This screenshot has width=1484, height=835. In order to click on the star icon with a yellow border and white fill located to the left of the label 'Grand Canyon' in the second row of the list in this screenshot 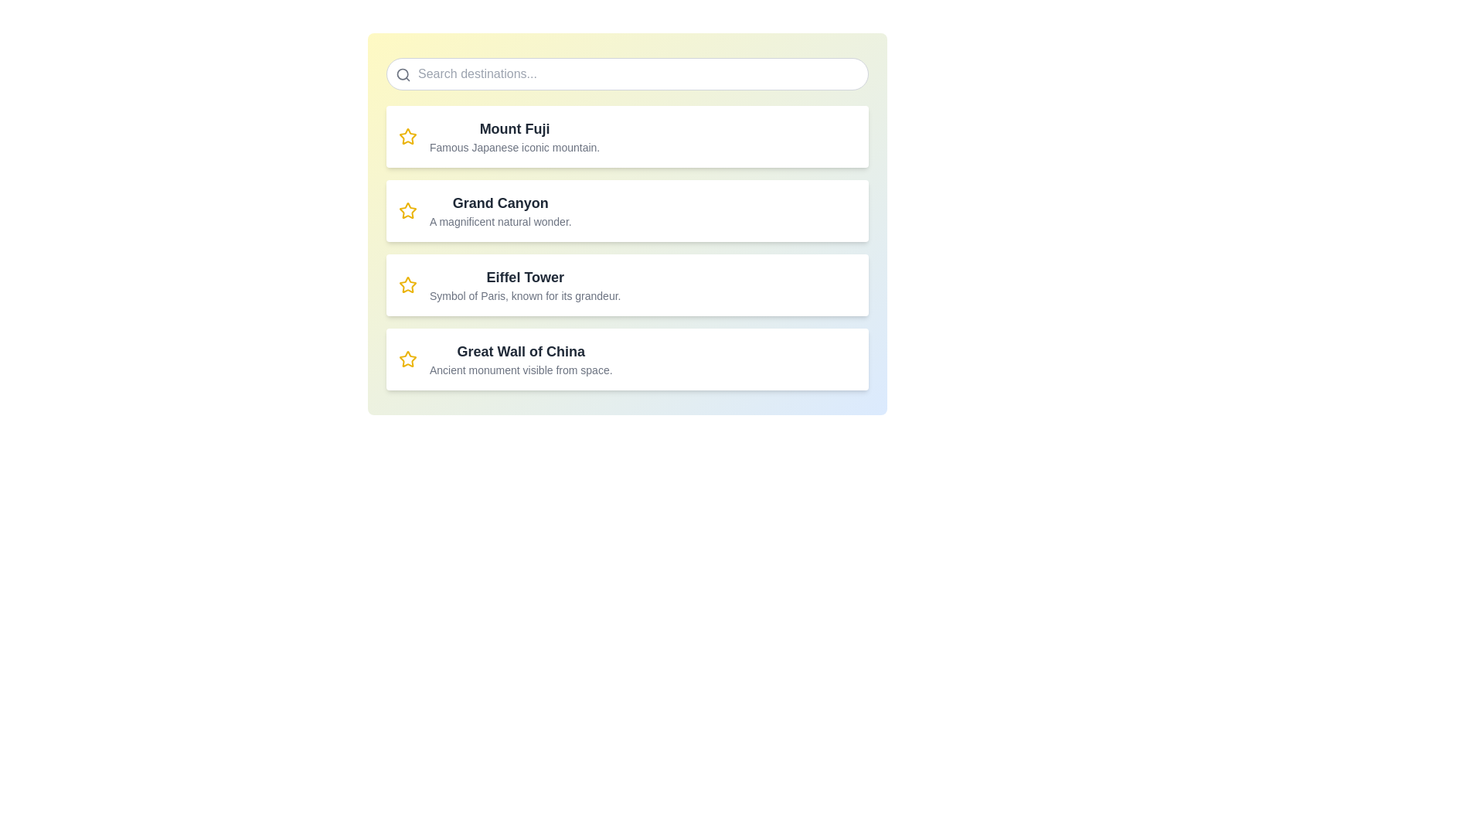, I will do `click(408, 210)`.